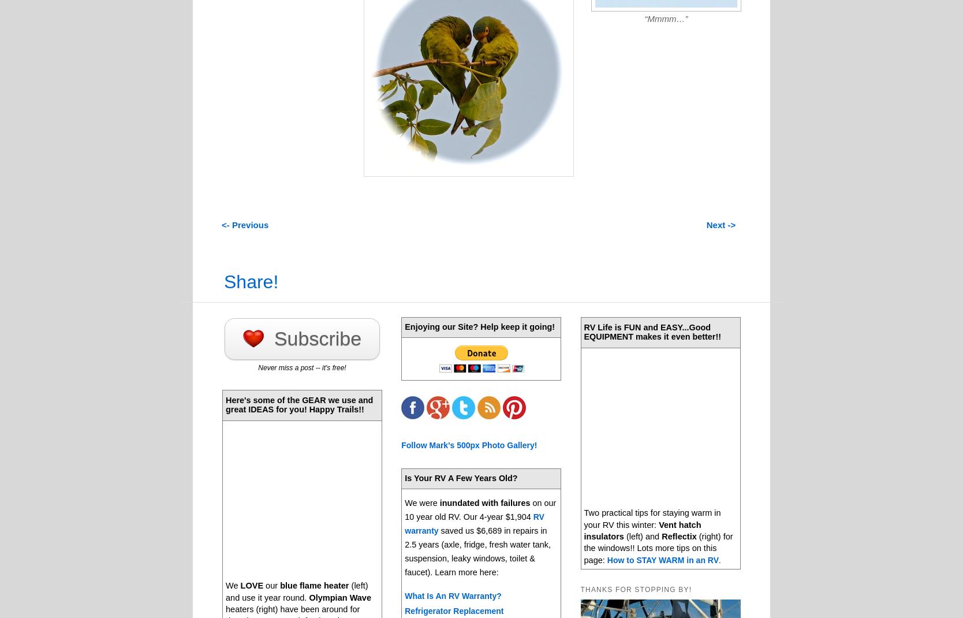 This screenshot has height=618, width=963. Describe the element at coordinates (232, 586) in the screenshot. I see `'We'` at that location.